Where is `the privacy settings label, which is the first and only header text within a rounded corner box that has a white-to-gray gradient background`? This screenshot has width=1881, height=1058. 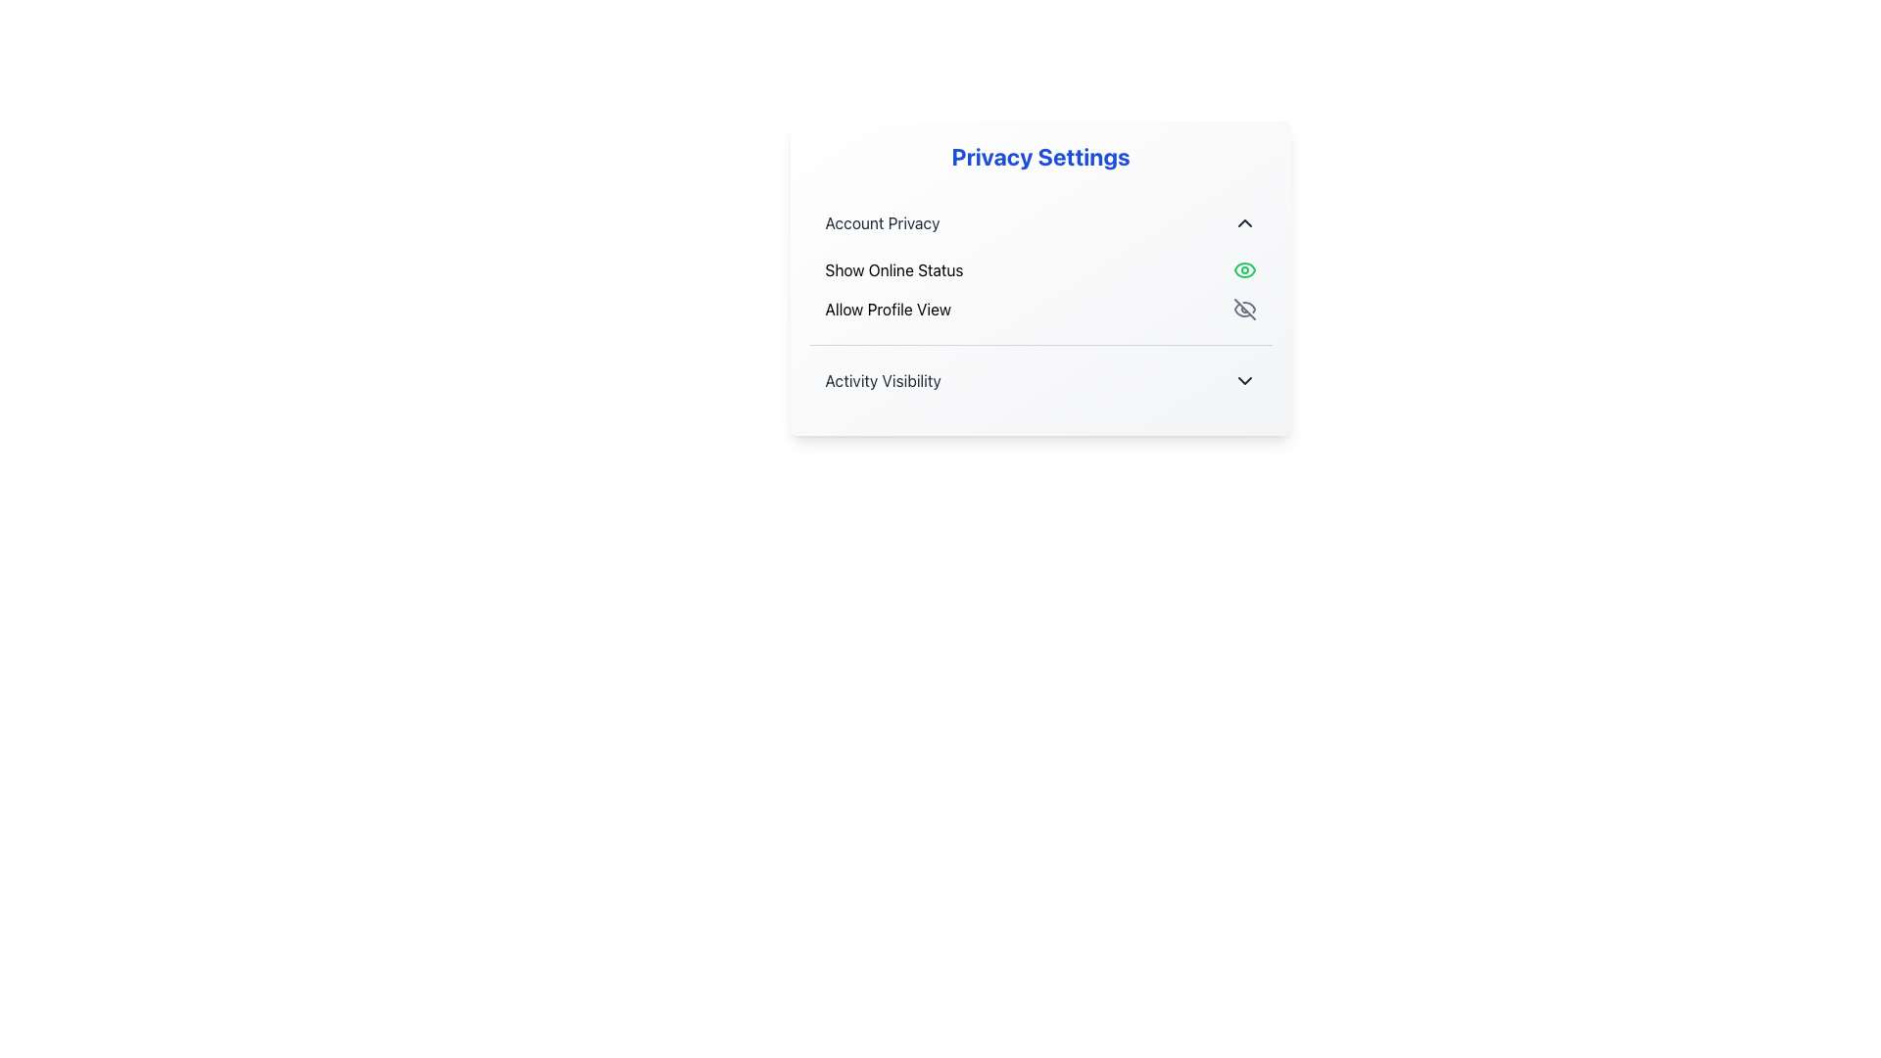 the privacy settings label, which is the first and only header text within a rounded corner box that has a white-to-gray gradient background is located at coordinates (1039, 155).